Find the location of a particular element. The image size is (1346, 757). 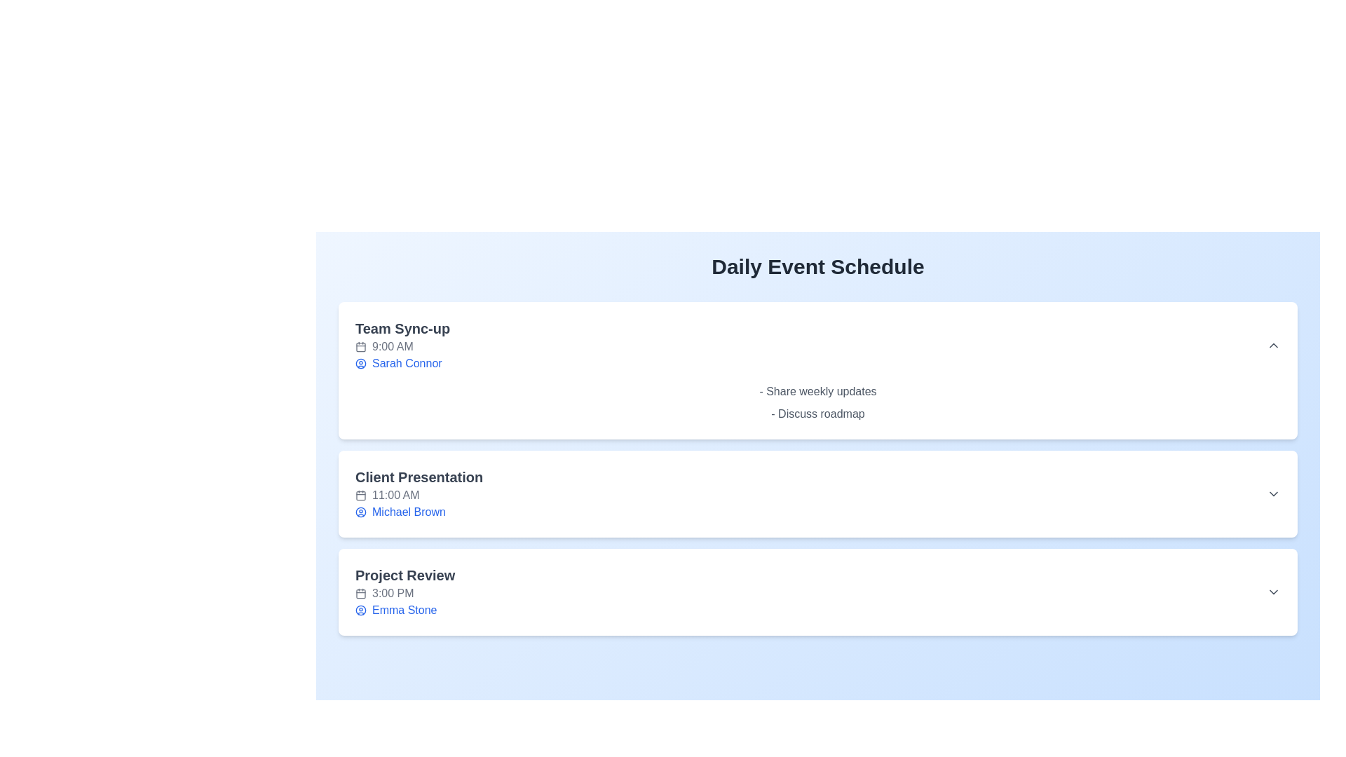

the text label displaying '3:00 PM' in gray font, located within the 'Project Review' section under 'Daily Event Schedule', which is the third event on the list and appears next to a calendar icon is located at coordinates (393, 594).